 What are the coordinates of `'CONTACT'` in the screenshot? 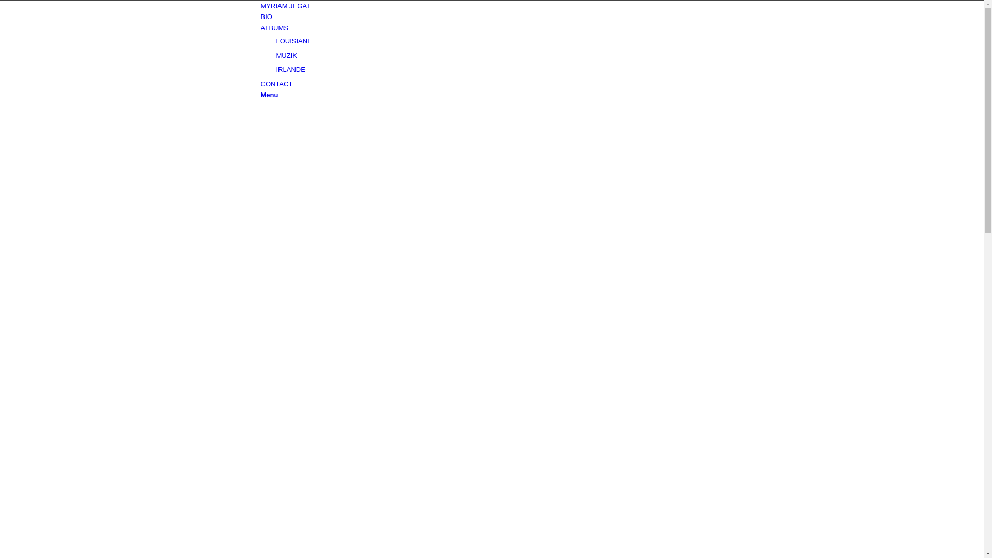 It's located at (276, 83).